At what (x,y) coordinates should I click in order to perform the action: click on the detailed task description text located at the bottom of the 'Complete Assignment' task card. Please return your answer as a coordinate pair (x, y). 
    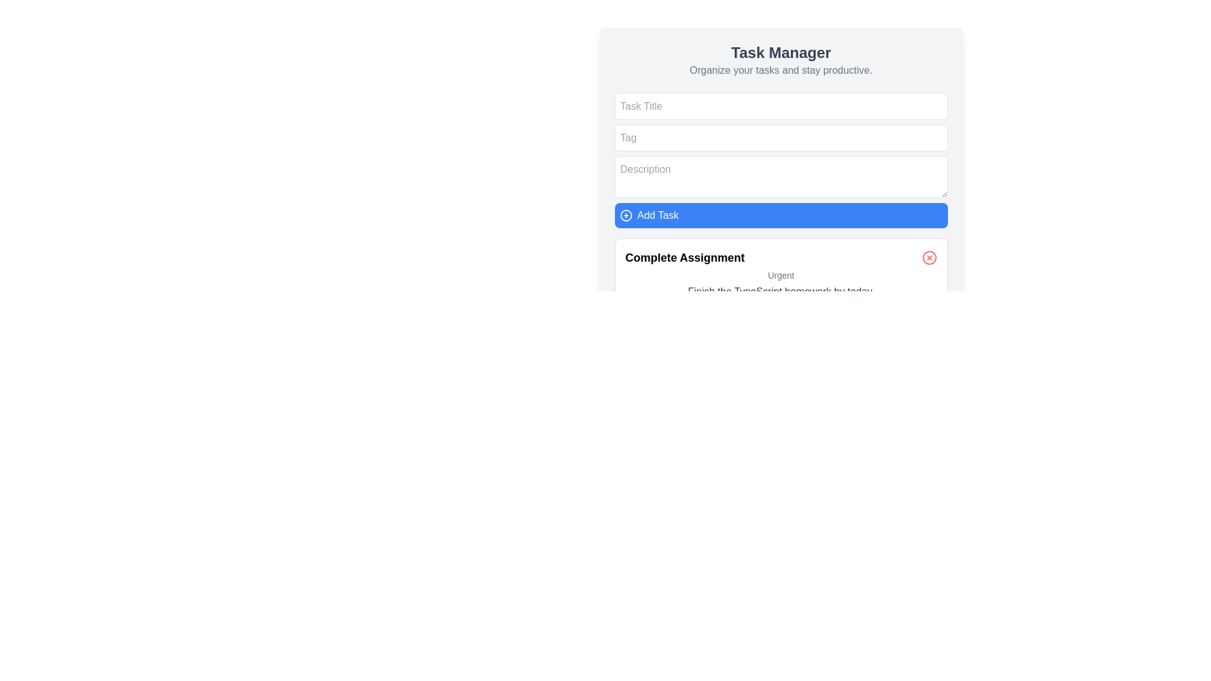
    Looking at the image, I should click on (780, 291).